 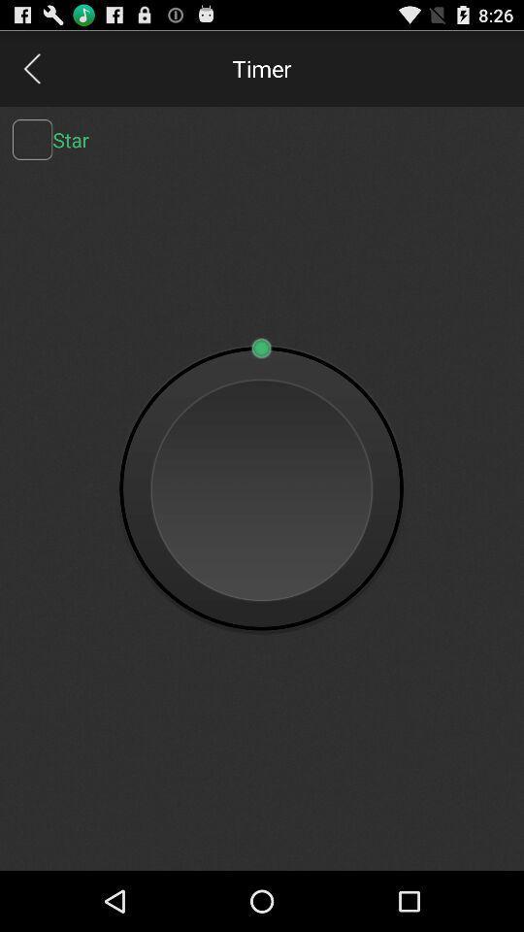 I want to click on back page, so click(x=30, y=68).